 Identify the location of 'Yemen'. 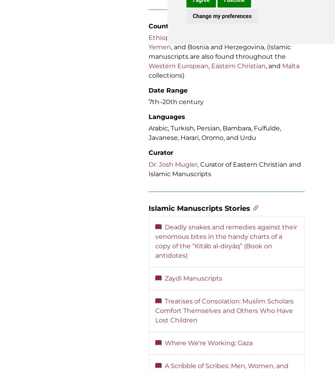
(160, 47).